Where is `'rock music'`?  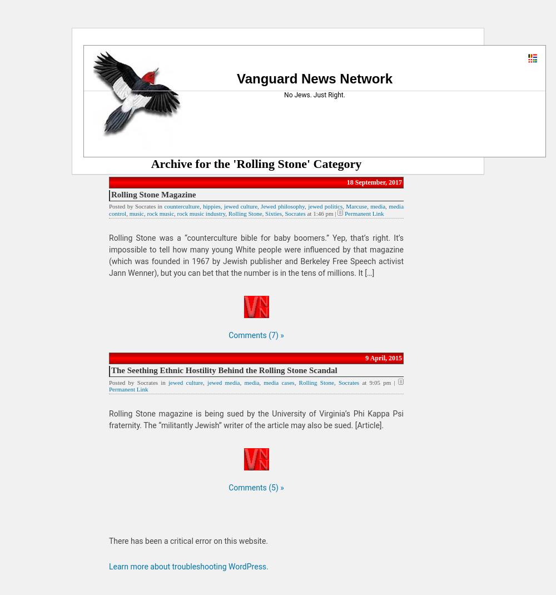
'rock music' is located at coordinates (147, 213).